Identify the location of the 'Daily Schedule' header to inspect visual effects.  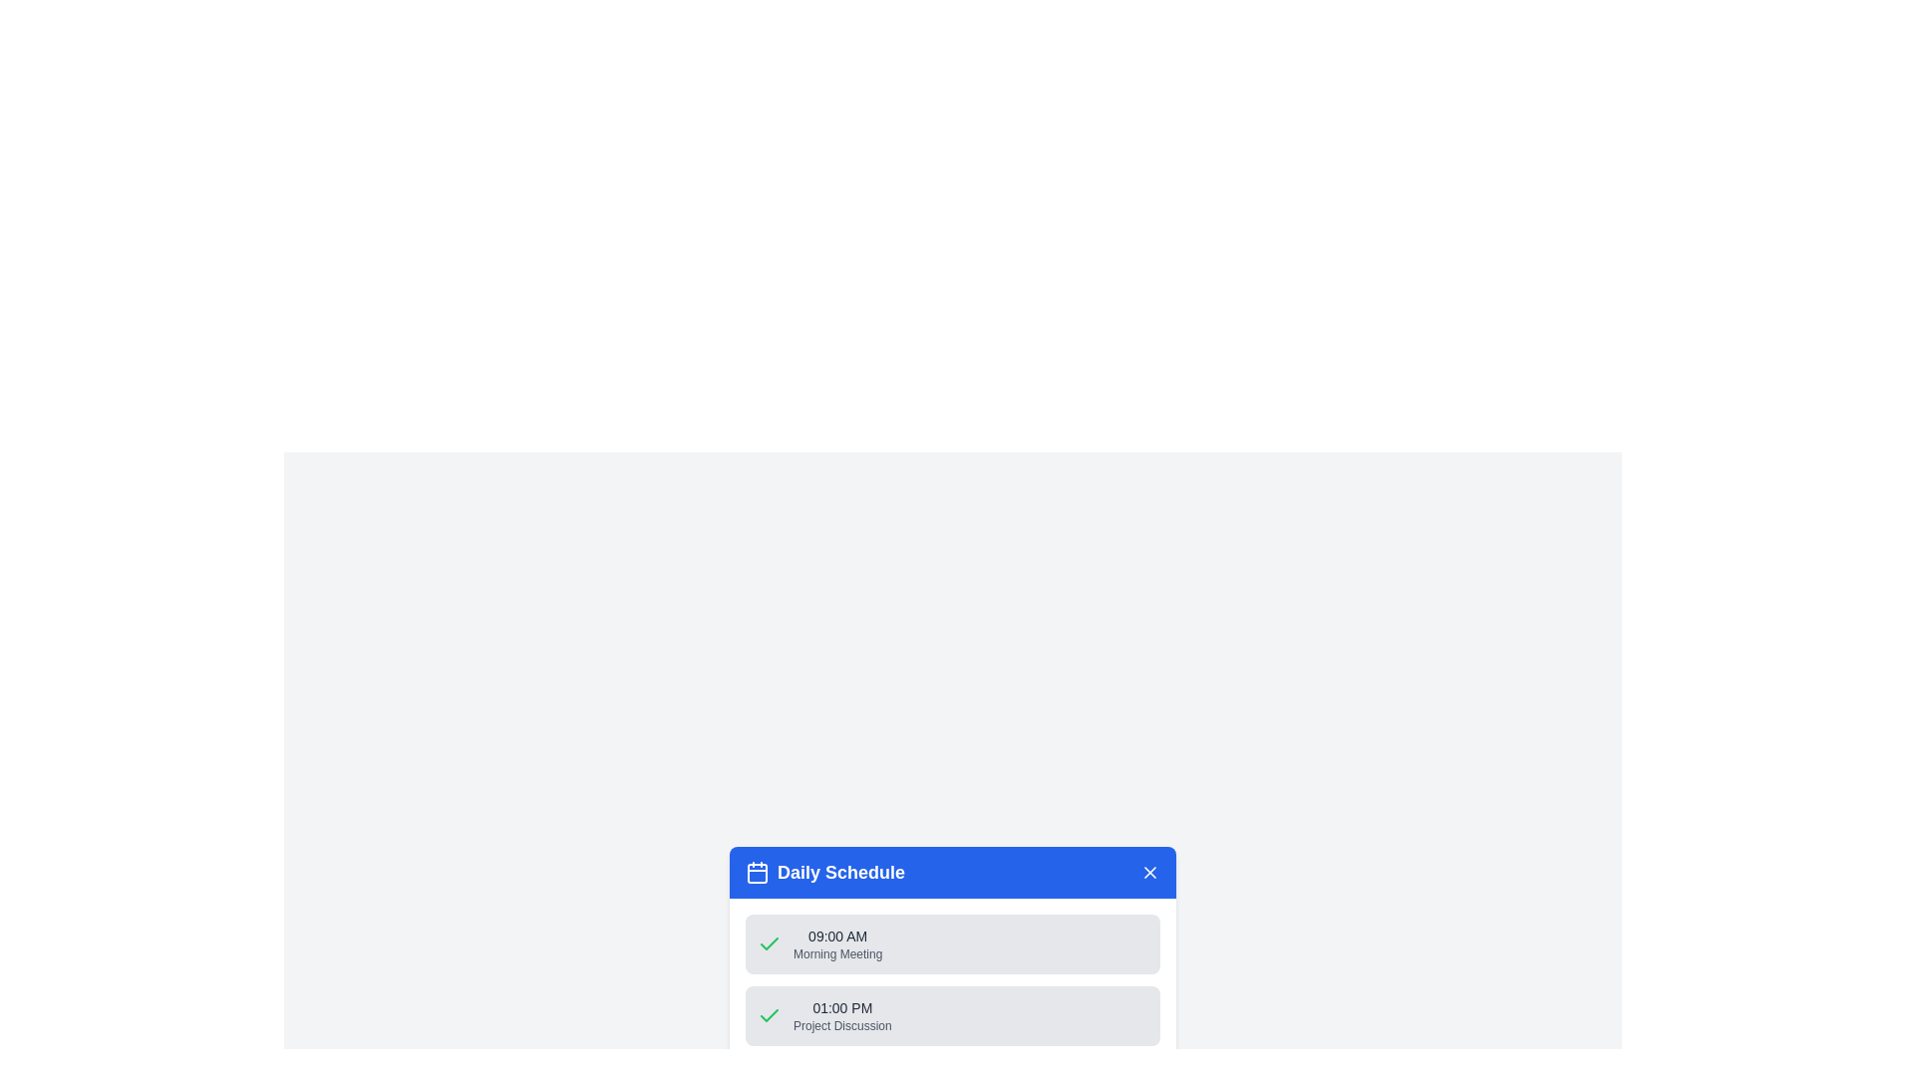
(825, 871).